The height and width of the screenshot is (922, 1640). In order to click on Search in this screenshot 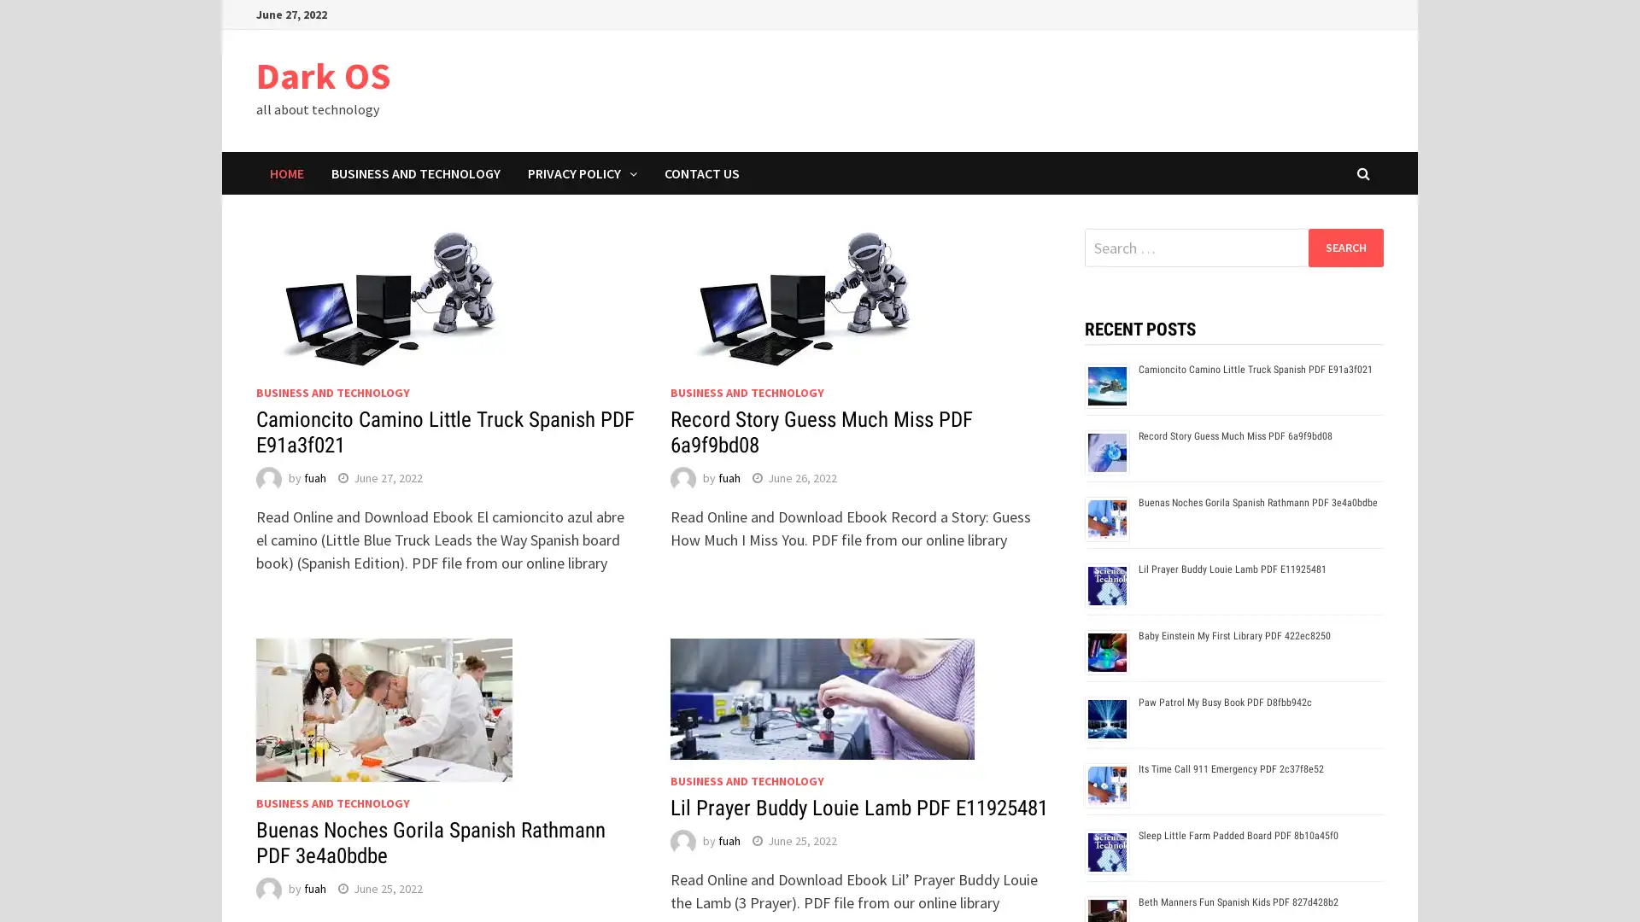, I will do `click(1344, 247)`.